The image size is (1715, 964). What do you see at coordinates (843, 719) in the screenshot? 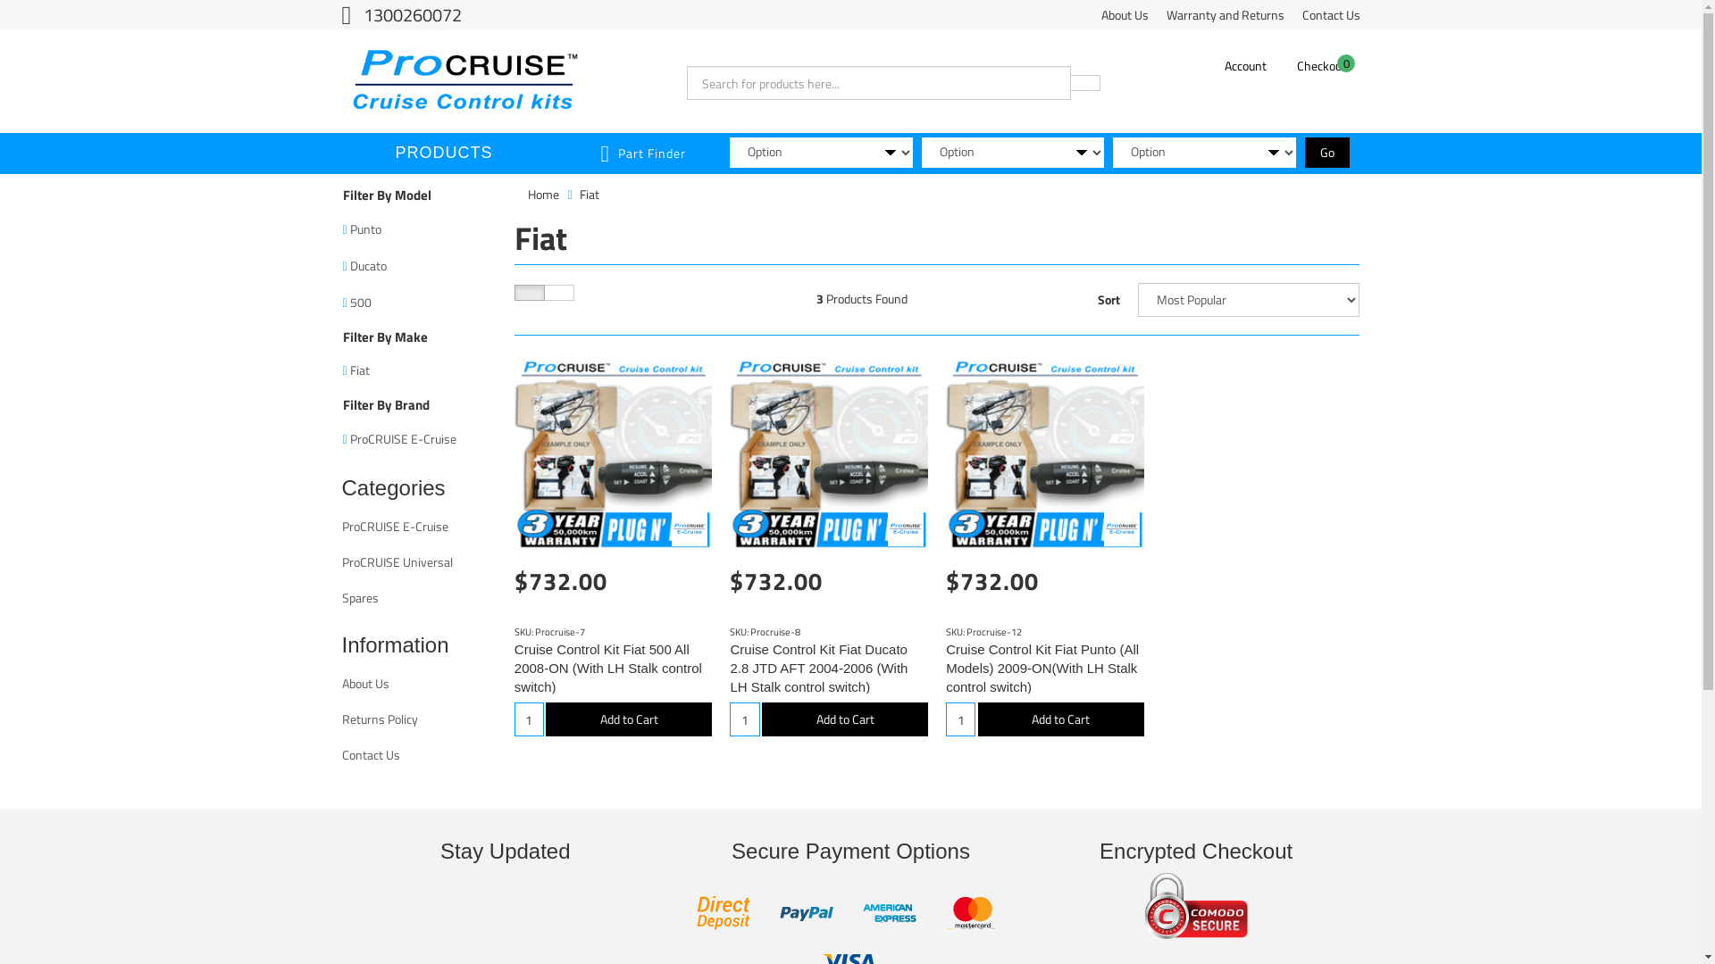
I see `'Add to Cart'` at bounding box center [843, 719].